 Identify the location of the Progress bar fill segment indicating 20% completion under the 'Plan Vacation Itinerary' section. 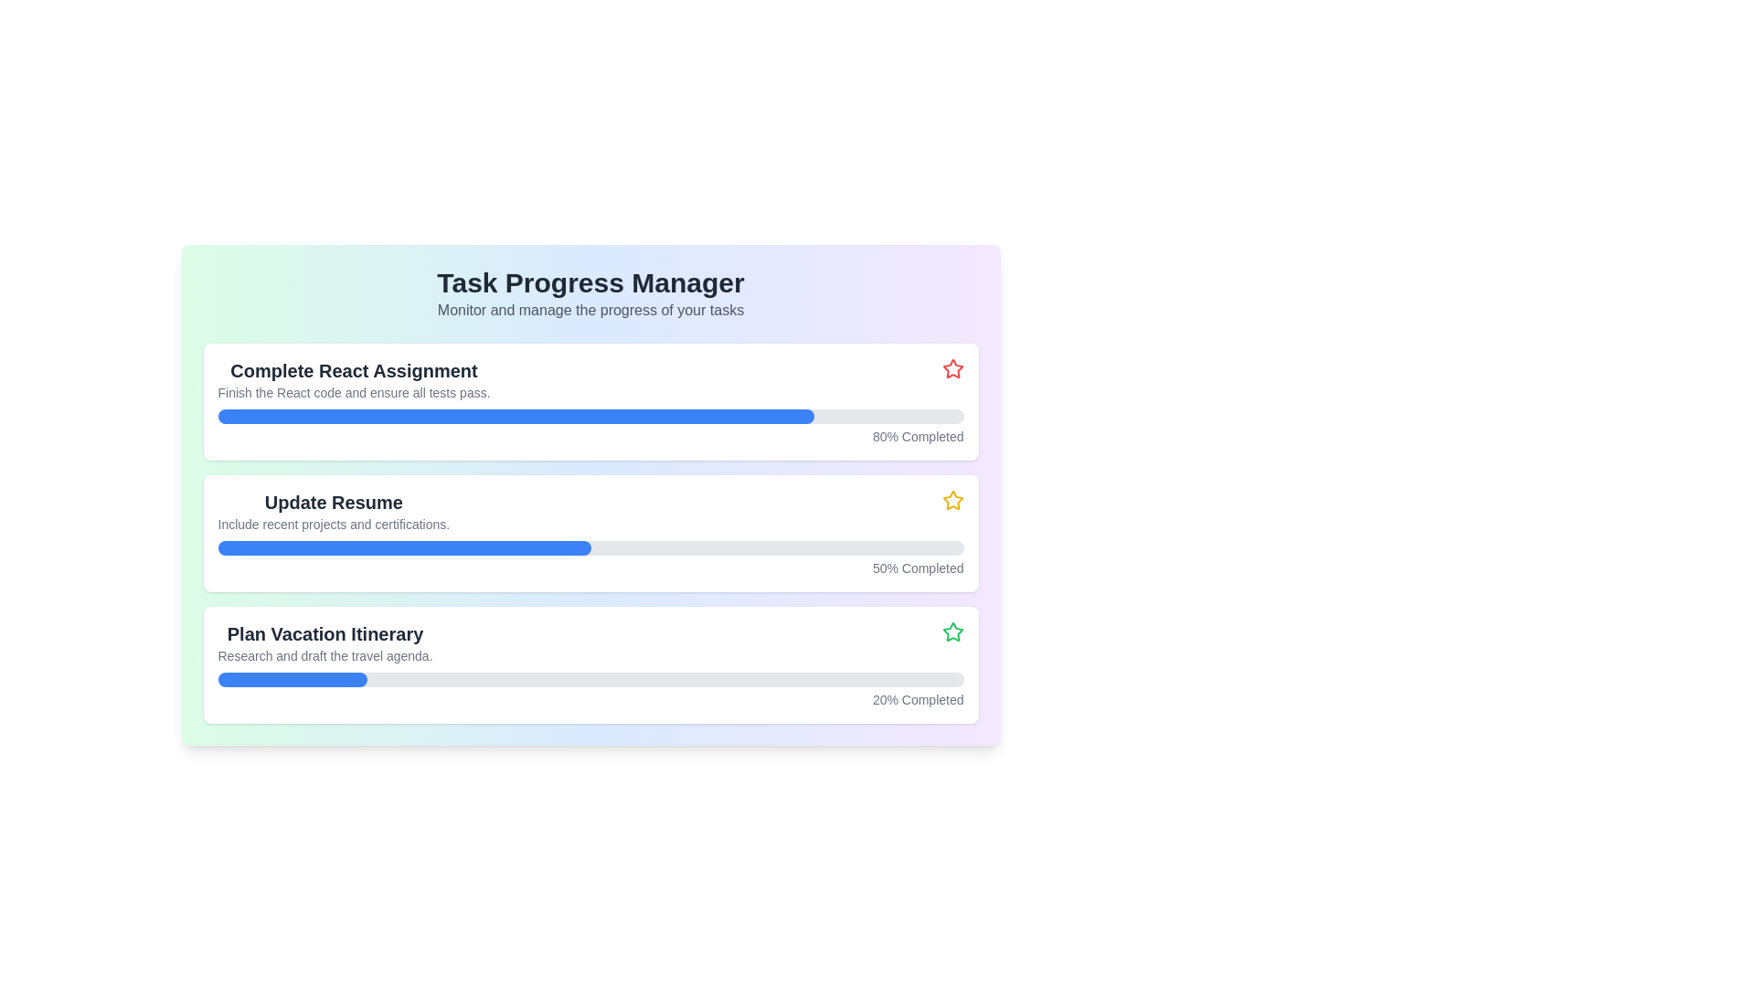
(292, 680).